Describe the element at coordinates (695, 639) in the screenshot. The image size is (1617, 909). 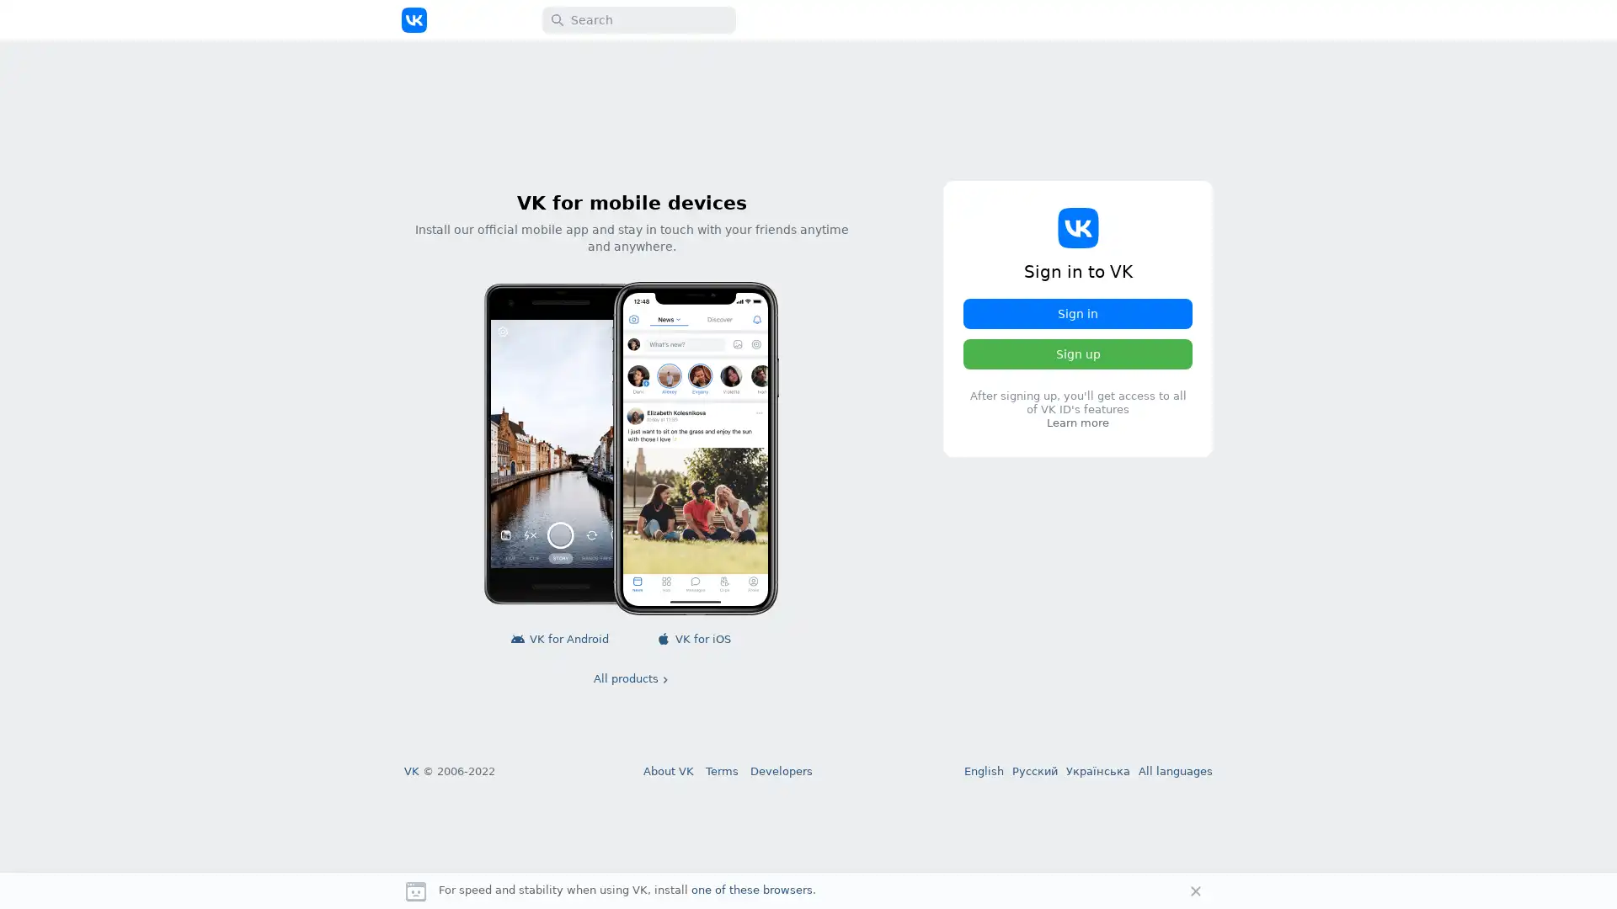
I see `VK for iOS` at that location.